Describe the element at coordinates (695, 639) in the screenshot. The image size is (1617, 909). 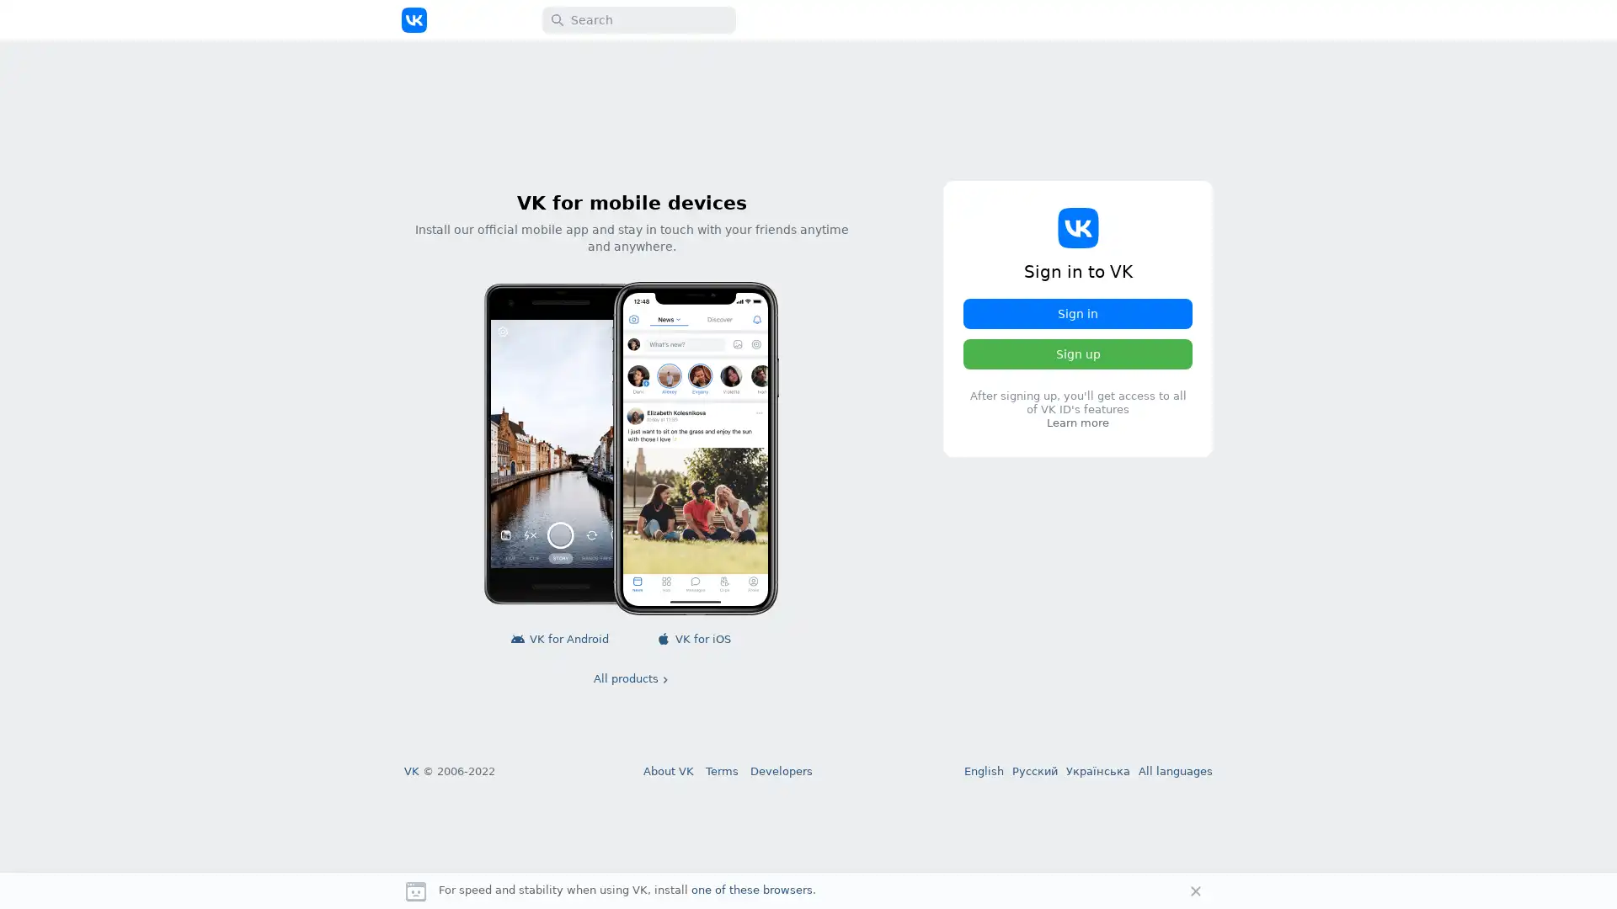
I see `VK for iOS` at that location.